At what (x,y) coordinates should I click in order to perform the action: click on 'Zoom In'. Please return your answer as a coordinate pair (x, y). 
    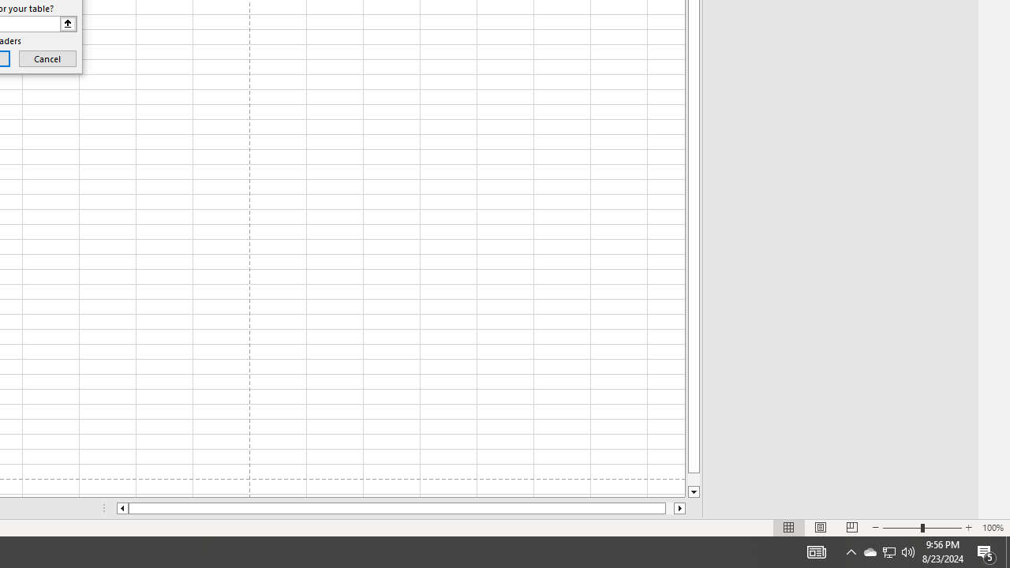
    Looking at the image, I should click on (967, 528).